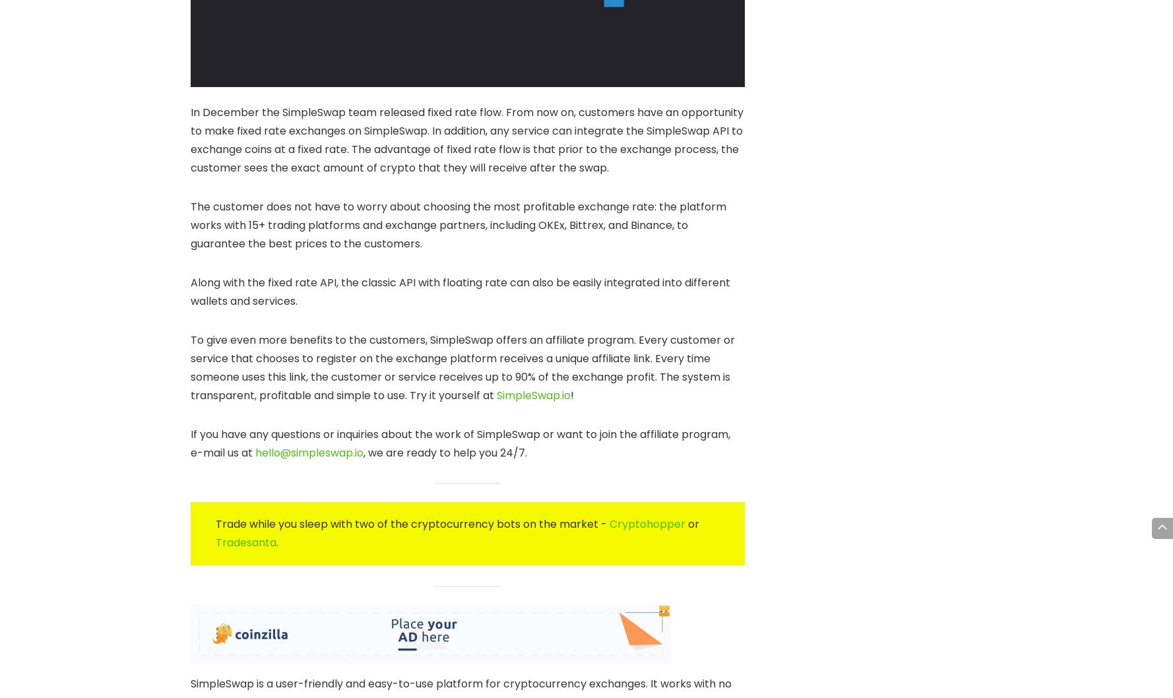  Describe the element at coordinates (647, 523) in the screenshot. I see `'Cryptohopper'` at that location.